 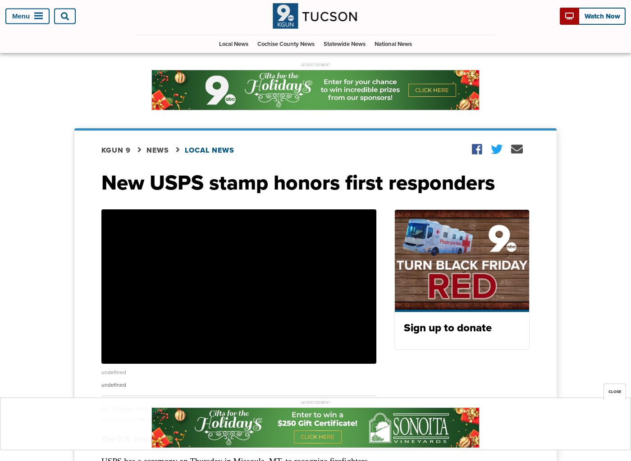 What do you see at coordinates (298, 181) in the screenshot?
I see `'New USPS stamp honors first responders'` at bounding box center [298, 181].